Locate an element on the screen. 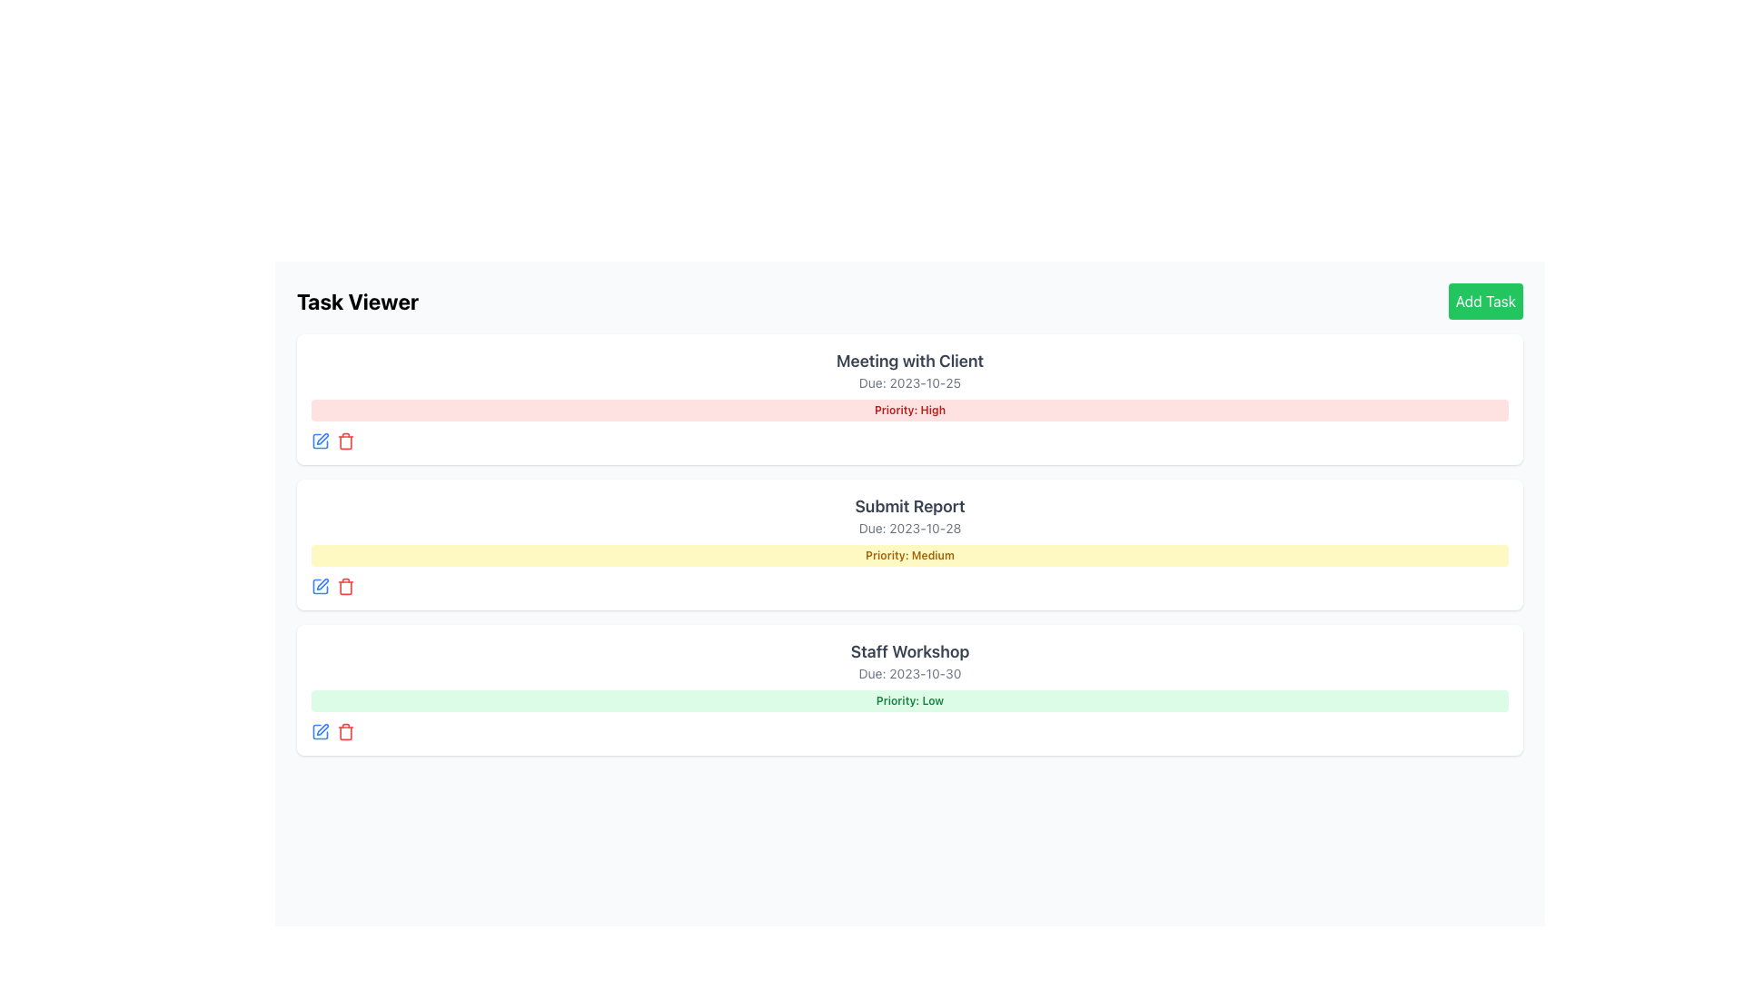 Image resolution: width=1744 pixels, height=981 pixels. the delete button for the 'Submit Report' task is located at coordinates (345, 586).